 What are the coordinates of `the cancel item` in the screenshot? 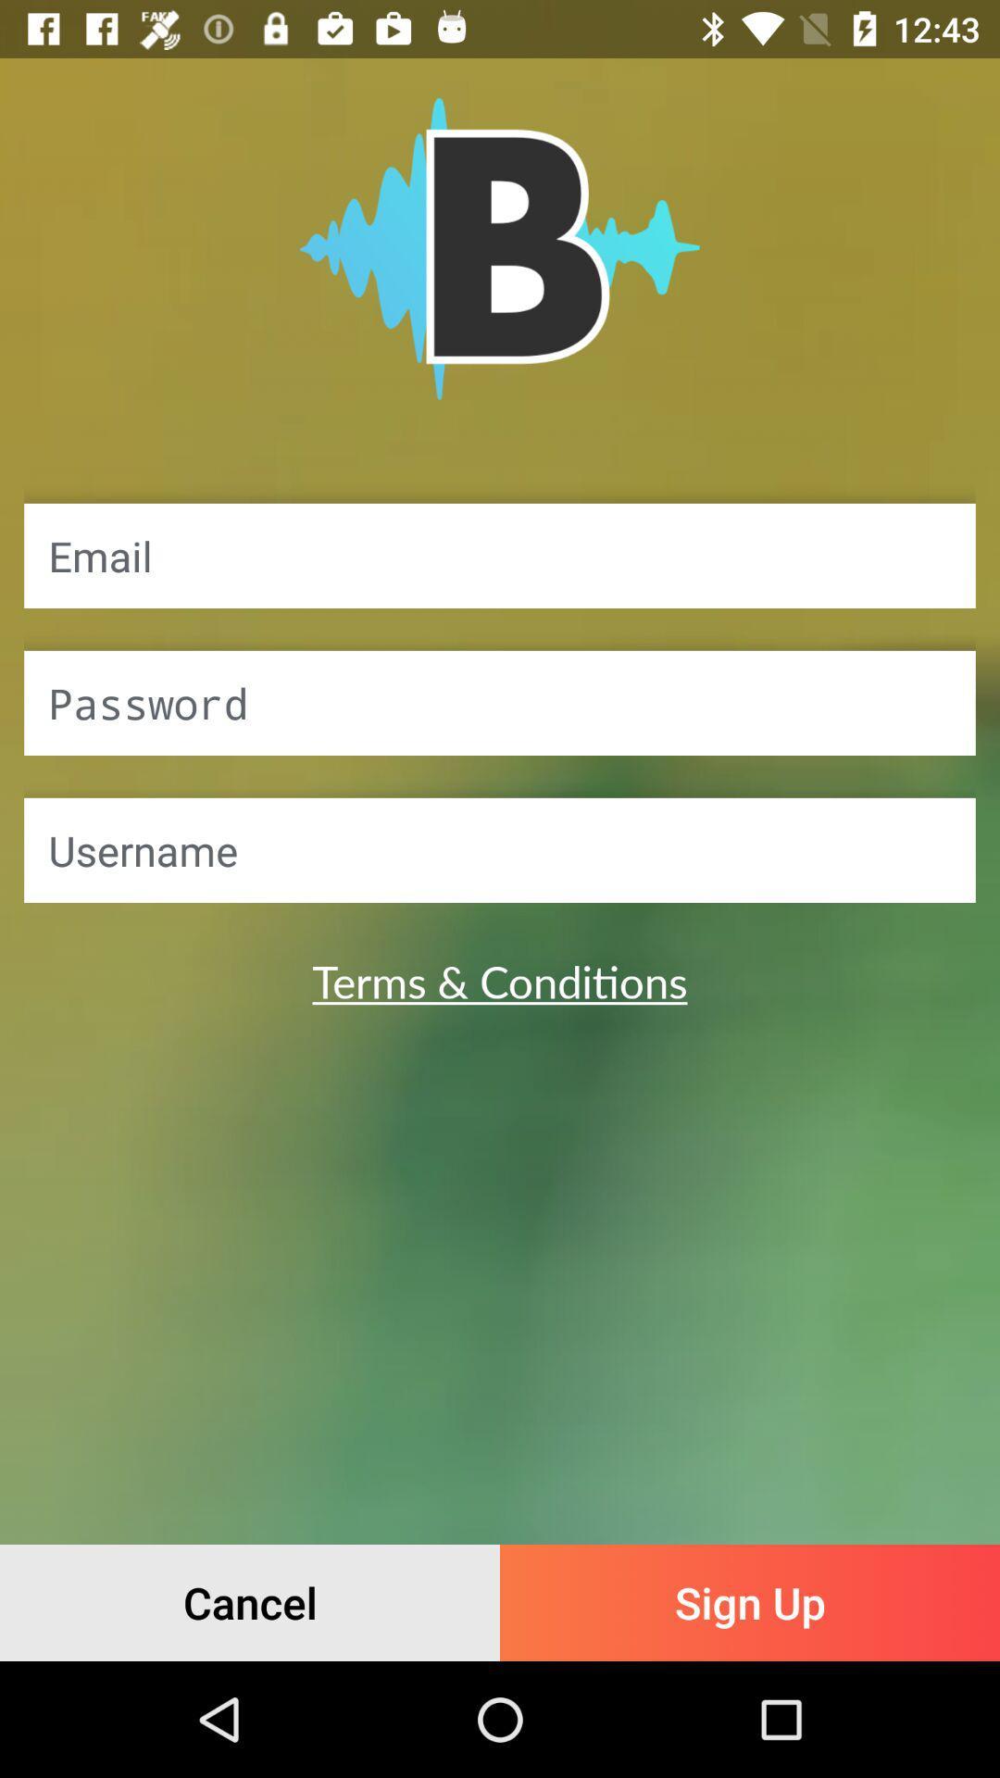 It's located at (250, 1602).